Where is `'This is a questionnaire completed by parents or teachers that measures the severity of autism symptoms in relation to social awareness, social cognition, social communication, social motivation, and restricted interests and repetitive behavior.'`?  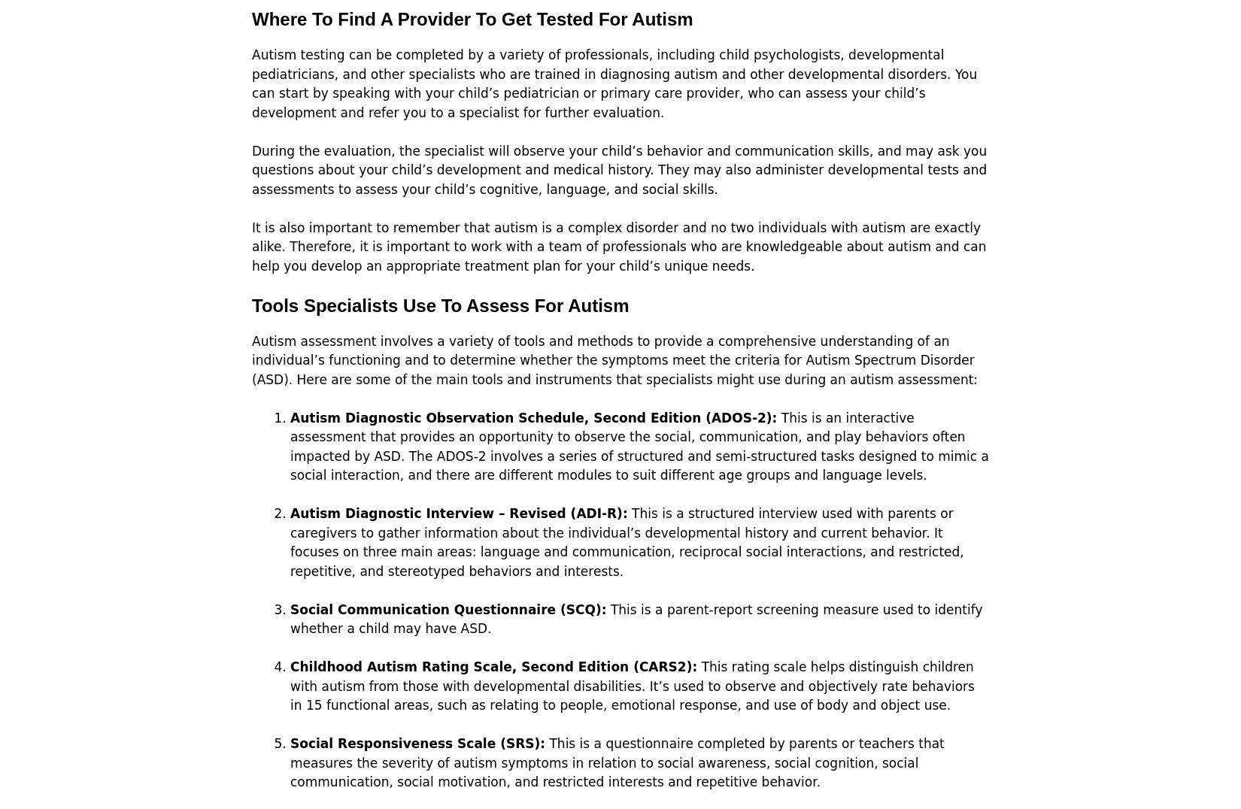 'This is a questionnaire completed by parents or teachers that measures the severity of autism symptoms in relation to social awareness, social cognition, social communication, social motivation, and restricted interests and repetitive behavior.' is located at coordinates (616, 762).